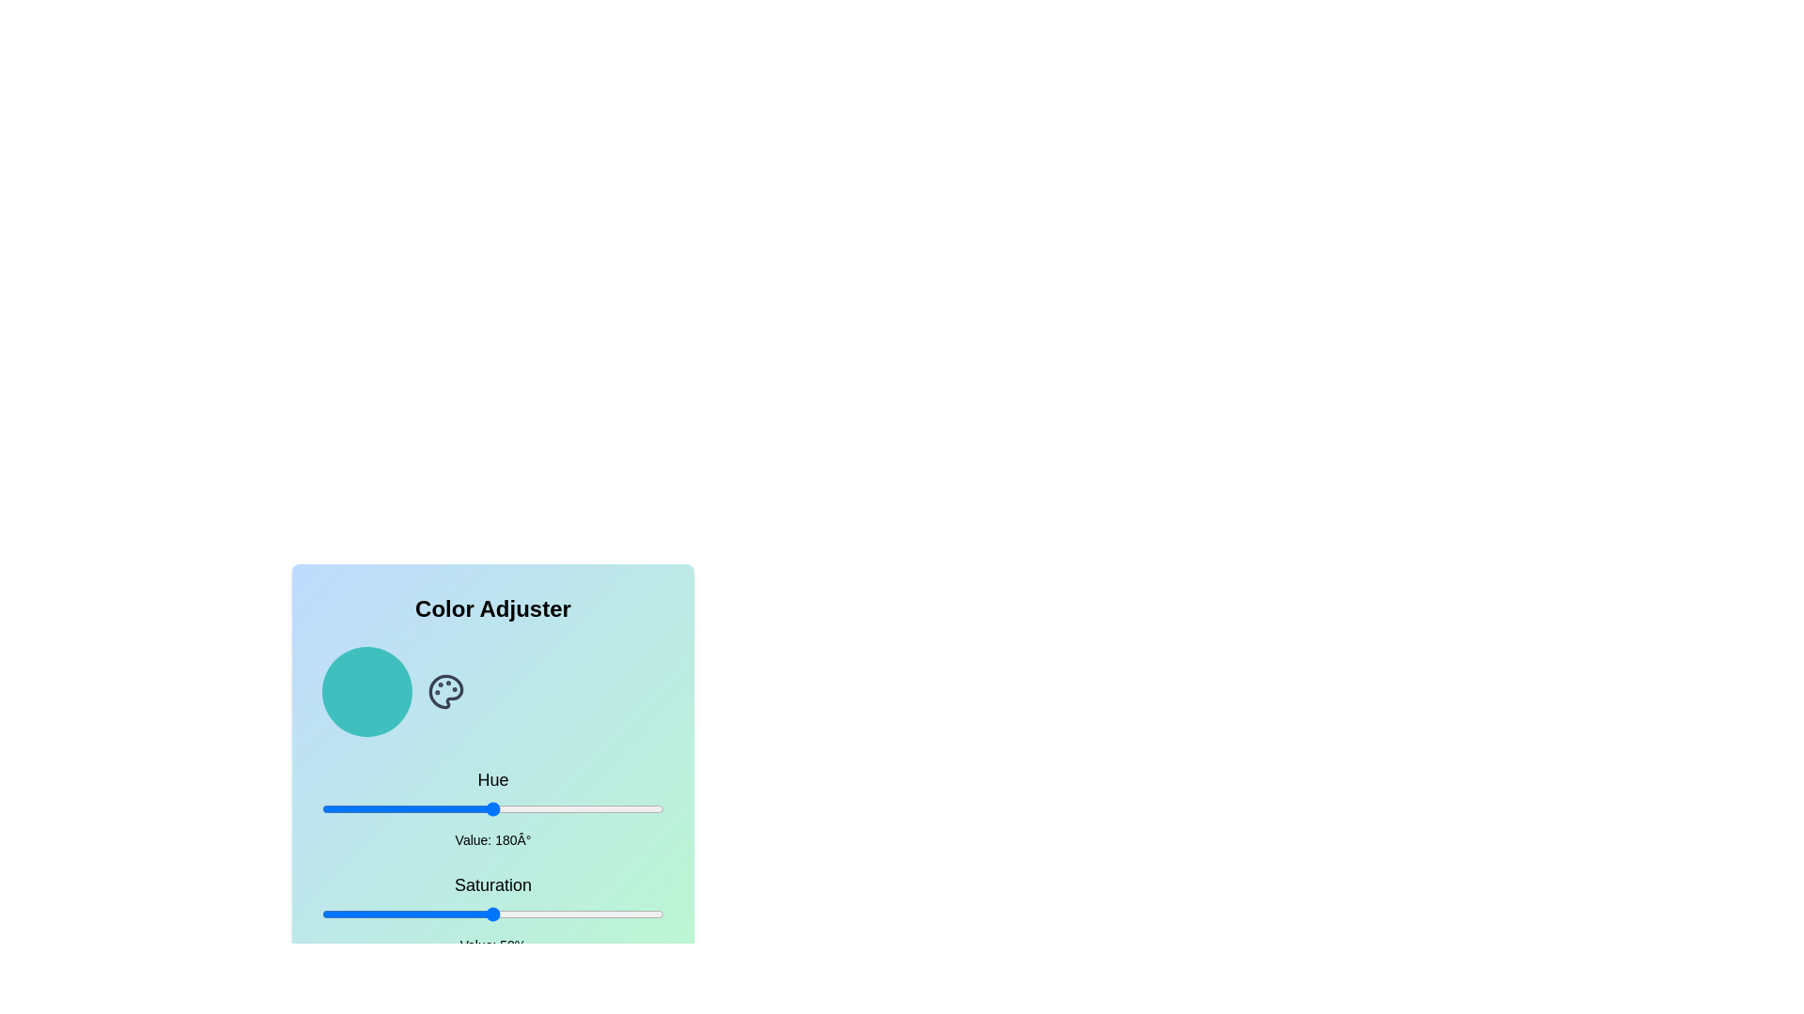 This screenshot has height=1014, width=1804. I want to click on the saturation slider to set the saturation to 98%, so click(657, 914).